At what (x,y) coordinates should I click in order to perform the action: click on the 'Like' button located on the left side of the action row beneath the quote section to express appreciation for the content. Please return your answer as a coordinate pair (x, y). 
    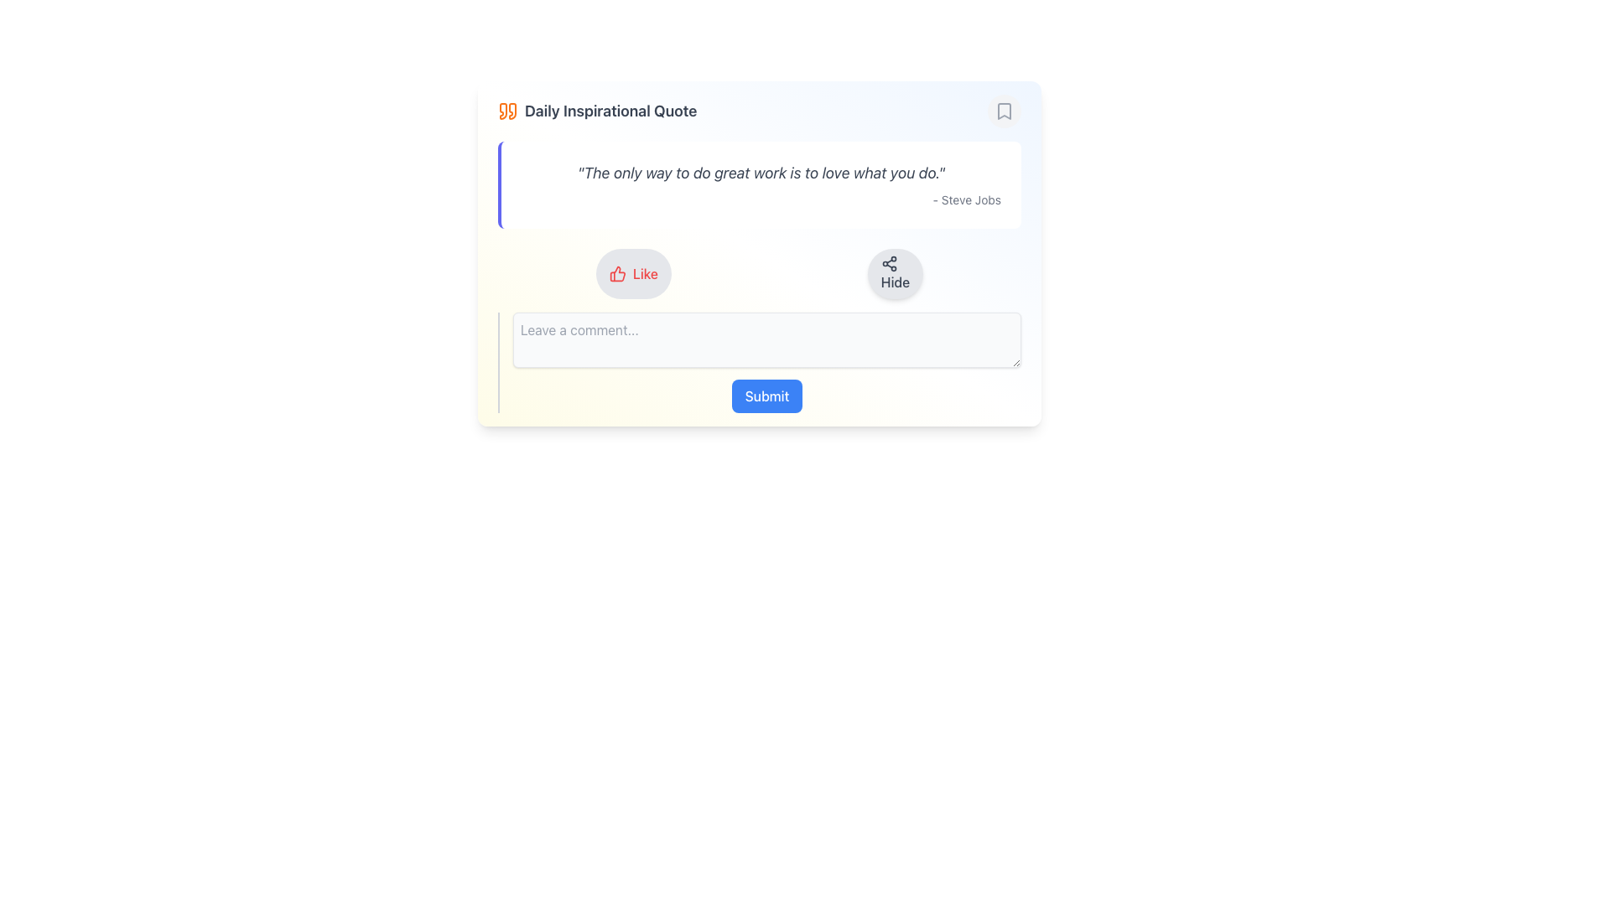
    Looking at the image, I should click on (632, 273).